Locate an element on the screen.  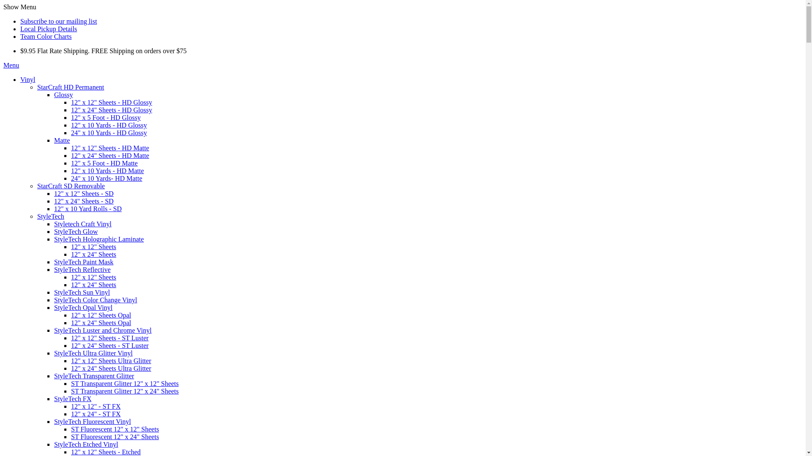
'Glossy' is located at coordinates (63, 95).